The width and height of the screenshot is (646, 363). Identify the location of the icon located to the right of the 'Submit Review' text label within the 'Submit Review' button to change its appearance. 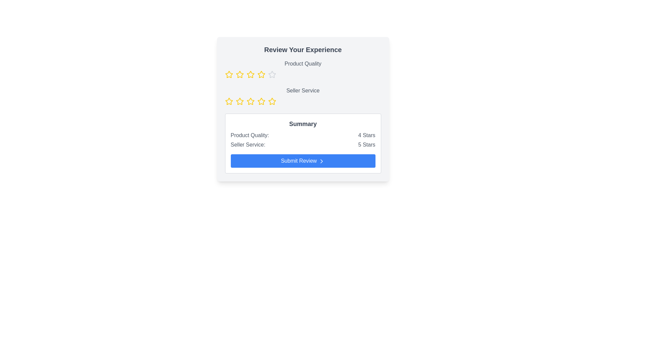
(321, 161).